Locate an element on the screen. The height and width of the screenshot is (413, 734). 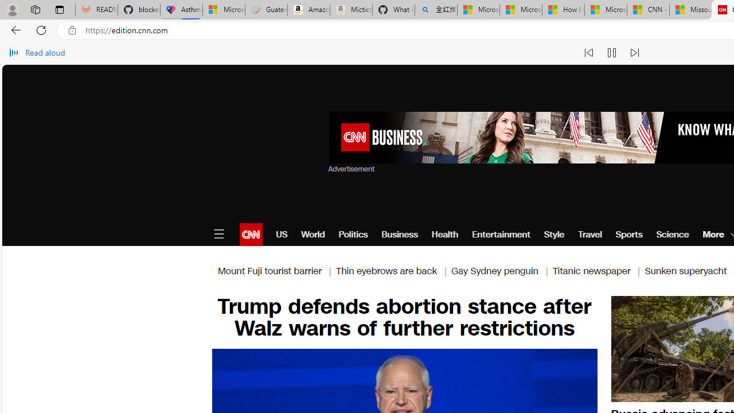
'Mount Fuji tourist barrier |' is located at coordinates (276, 271).